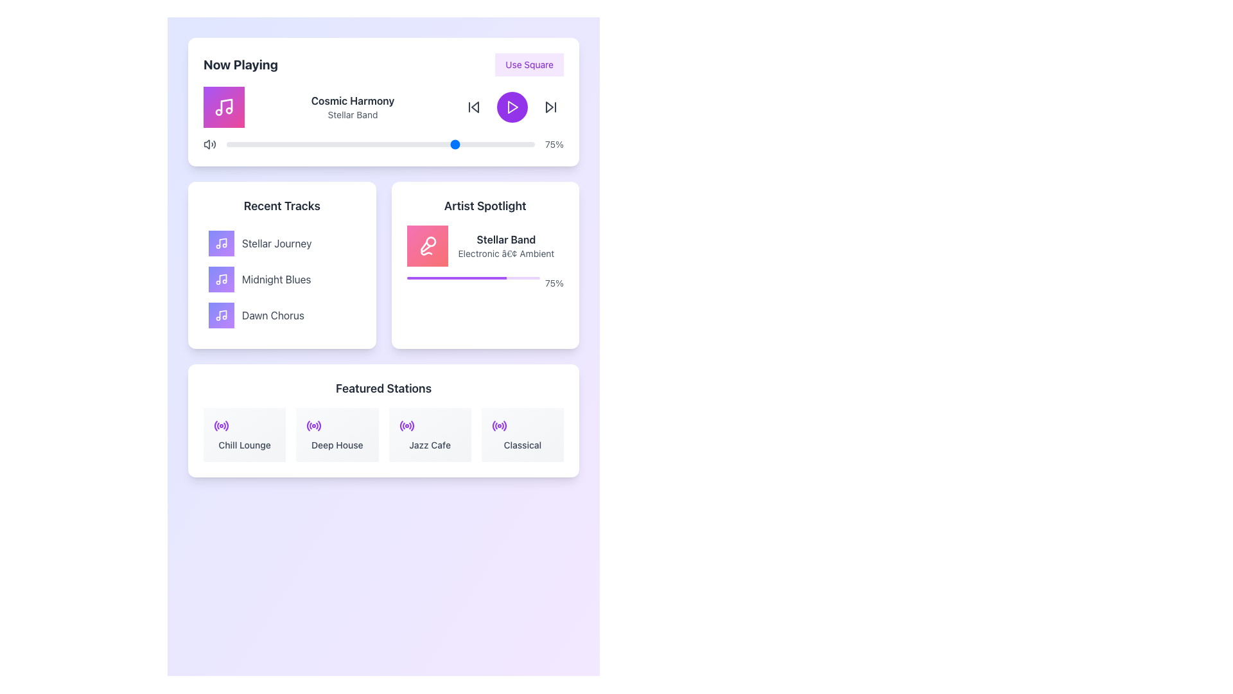  Describe the element at coordinates (530, 277) in the screenshot. I see `progress` at that location.